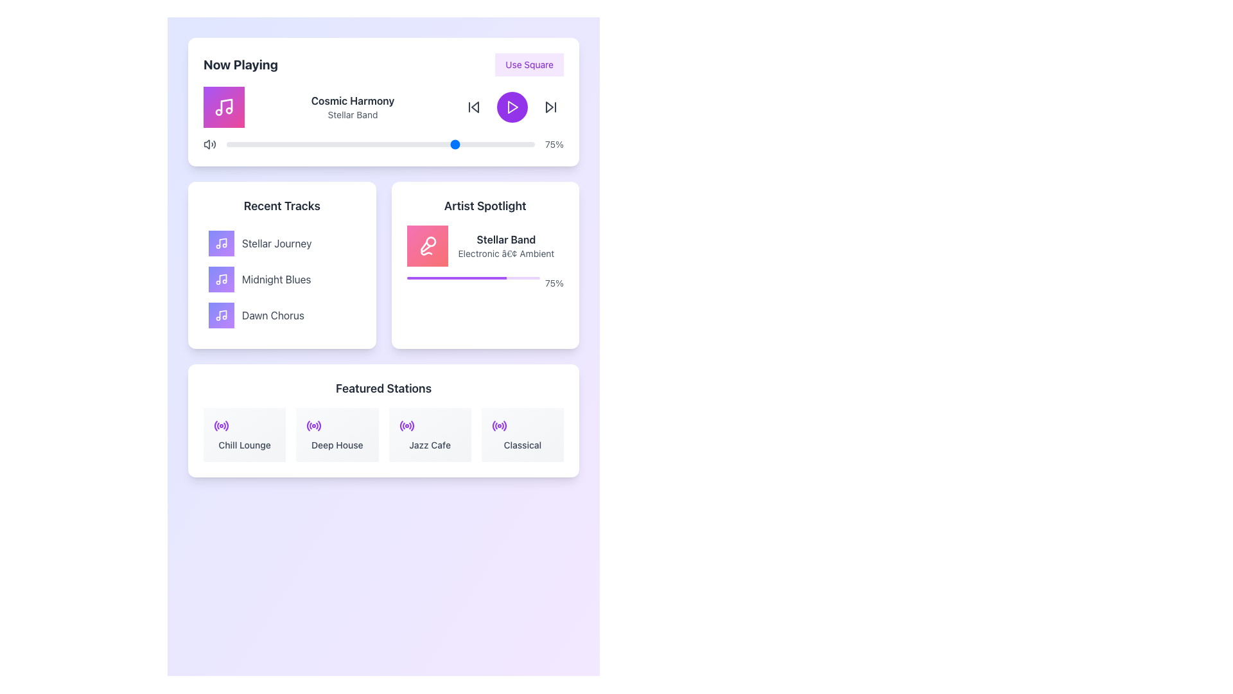  Describe the element at coordinates (530, 277) in the screenshot. I see `progress` at that location.